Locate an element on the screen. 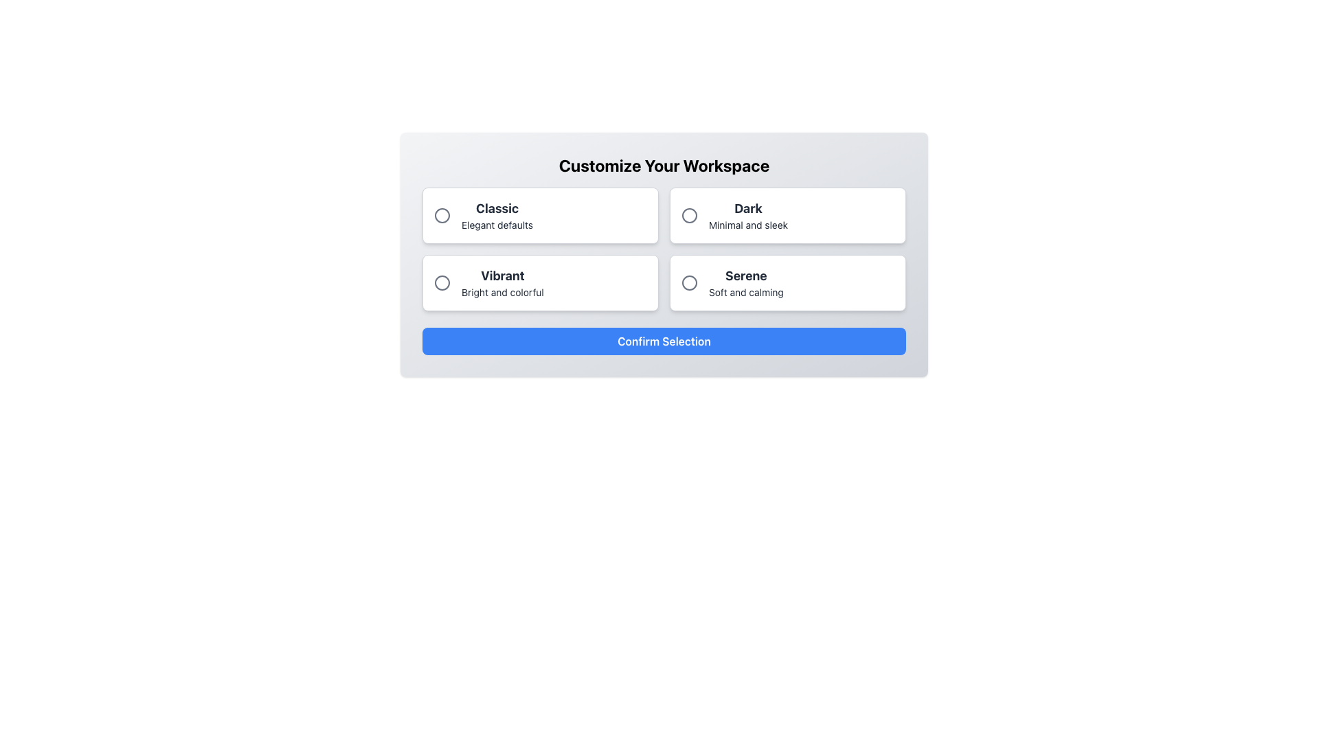 This screenshot has width=1319, height=742. the circular graphic element that serves as a marker, located to the left of the text 'Classic' in the top-left option of the grid layout is located at coordinates (442, 215).